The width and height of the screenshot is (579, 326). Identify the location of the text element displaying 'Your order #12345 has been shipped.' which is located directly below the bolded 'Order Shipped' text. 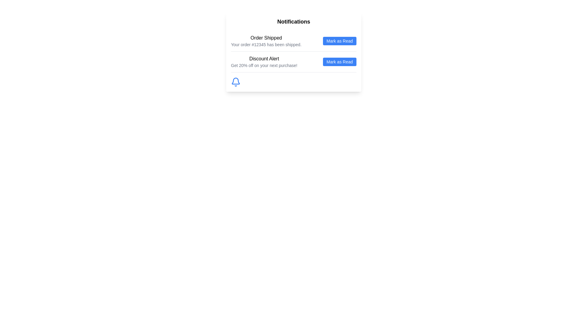
(266, 44).